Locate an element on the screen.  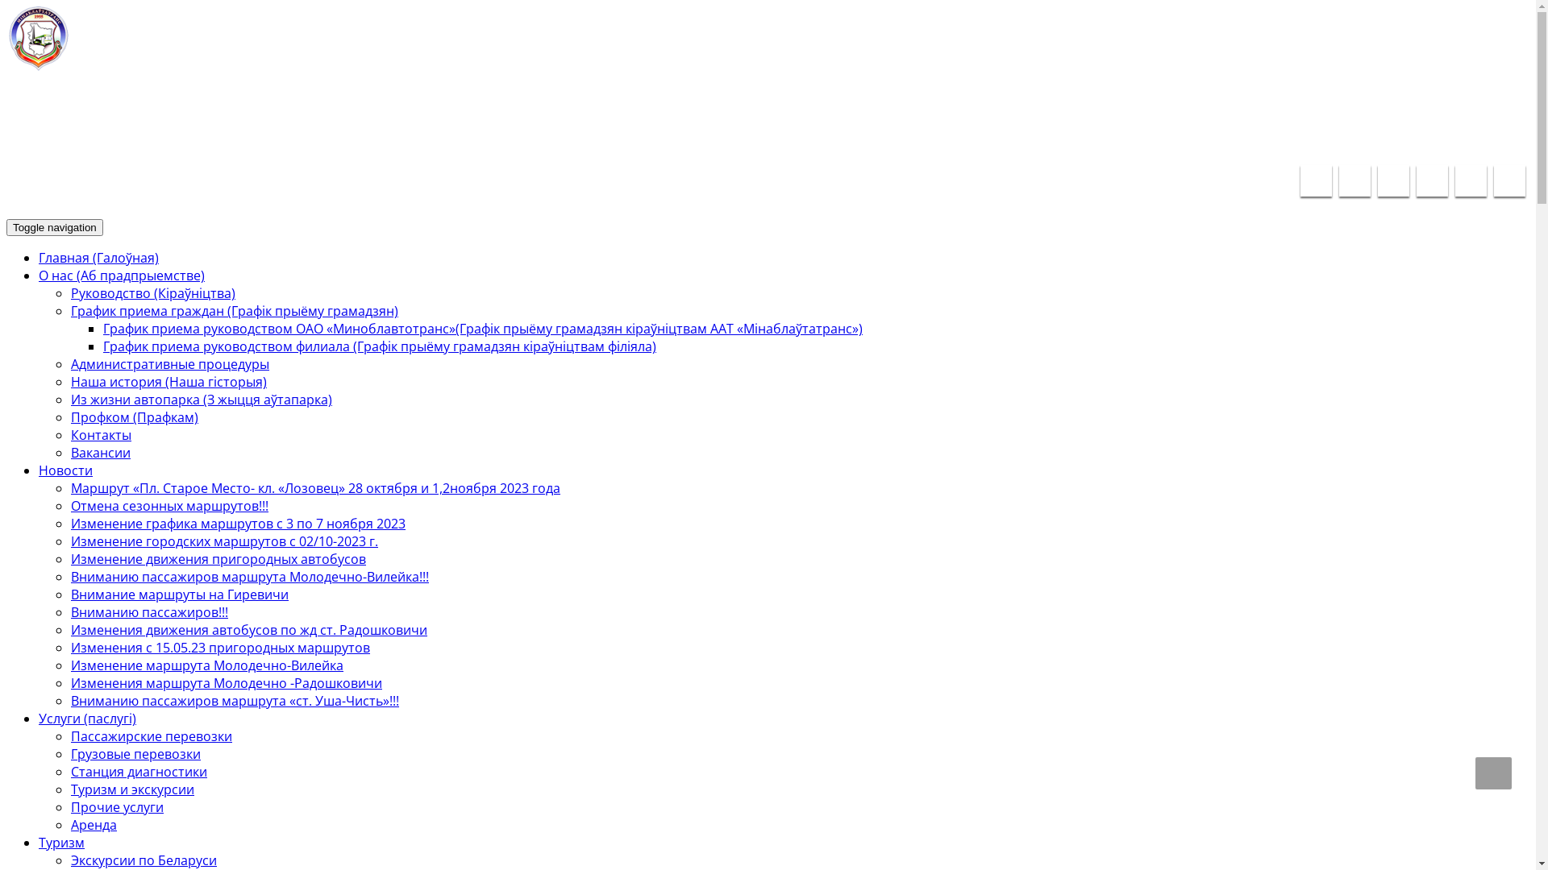
'instagram' is located at coordinates (1508, 180).